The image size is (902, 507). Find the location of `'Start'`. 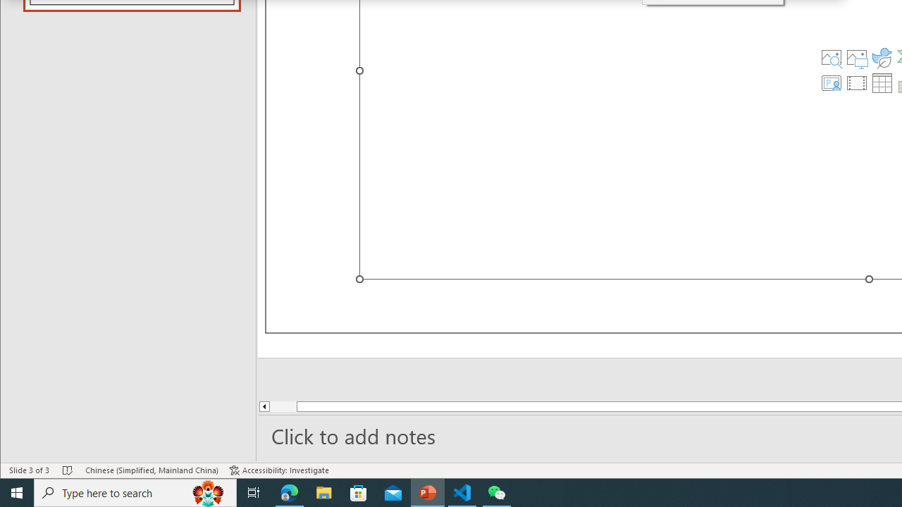

'Start' is located at coordinates (17, 492).